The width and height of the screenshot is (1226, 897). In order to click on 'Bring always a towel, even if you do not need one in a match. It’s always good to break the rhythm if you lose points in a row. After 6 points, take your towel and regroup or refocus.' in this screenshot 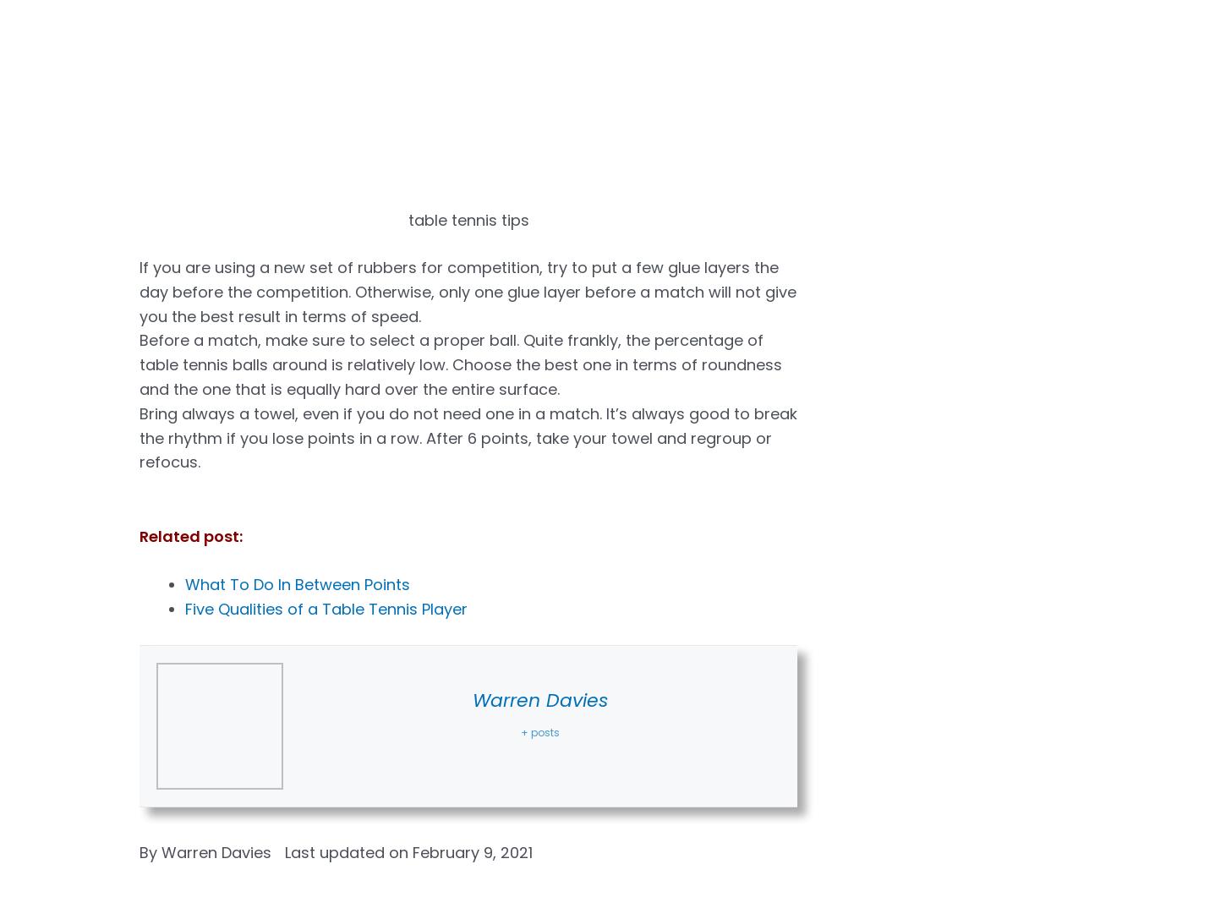, I will do `click(468, 437)`.